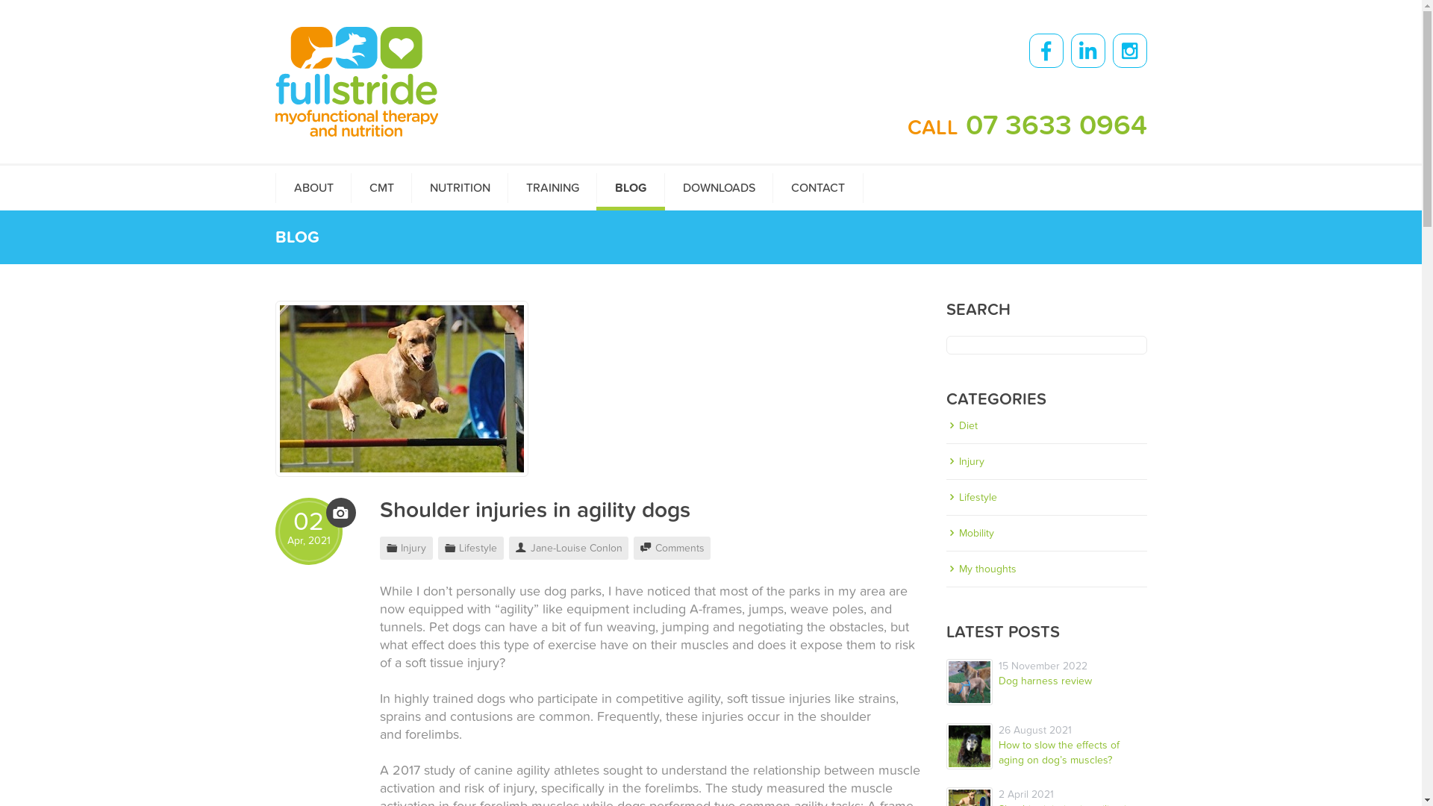  What do you see at coordinates (1045, 50) in the screenshot?
I see `'Facebook'` at bounding box center [1045, 50].